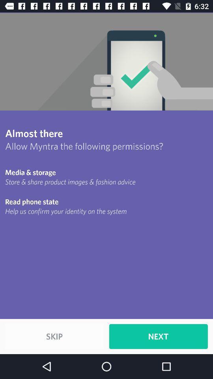  I want to click on the skip item, so click(54, 336).